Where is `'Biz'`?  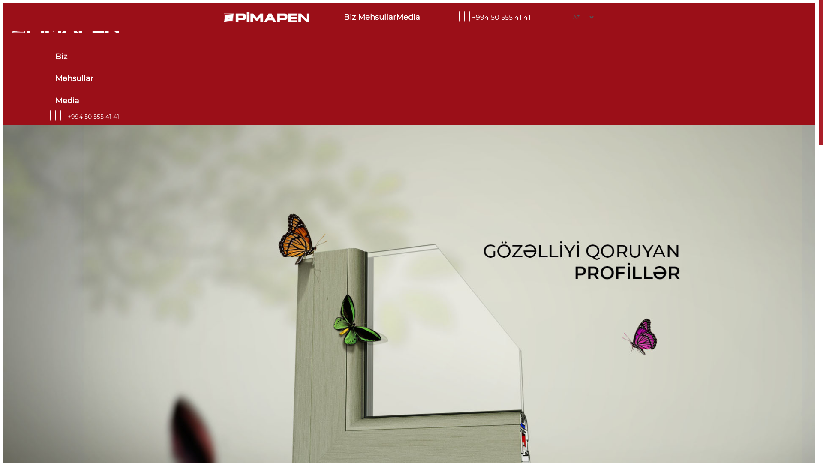 'Biz' is located at coordinates (74, 57).